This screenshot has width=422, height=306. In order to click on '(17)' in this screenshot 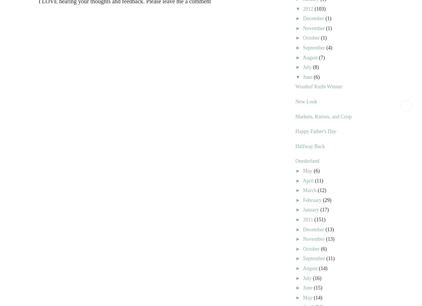, I will do `click(324, 210)`.